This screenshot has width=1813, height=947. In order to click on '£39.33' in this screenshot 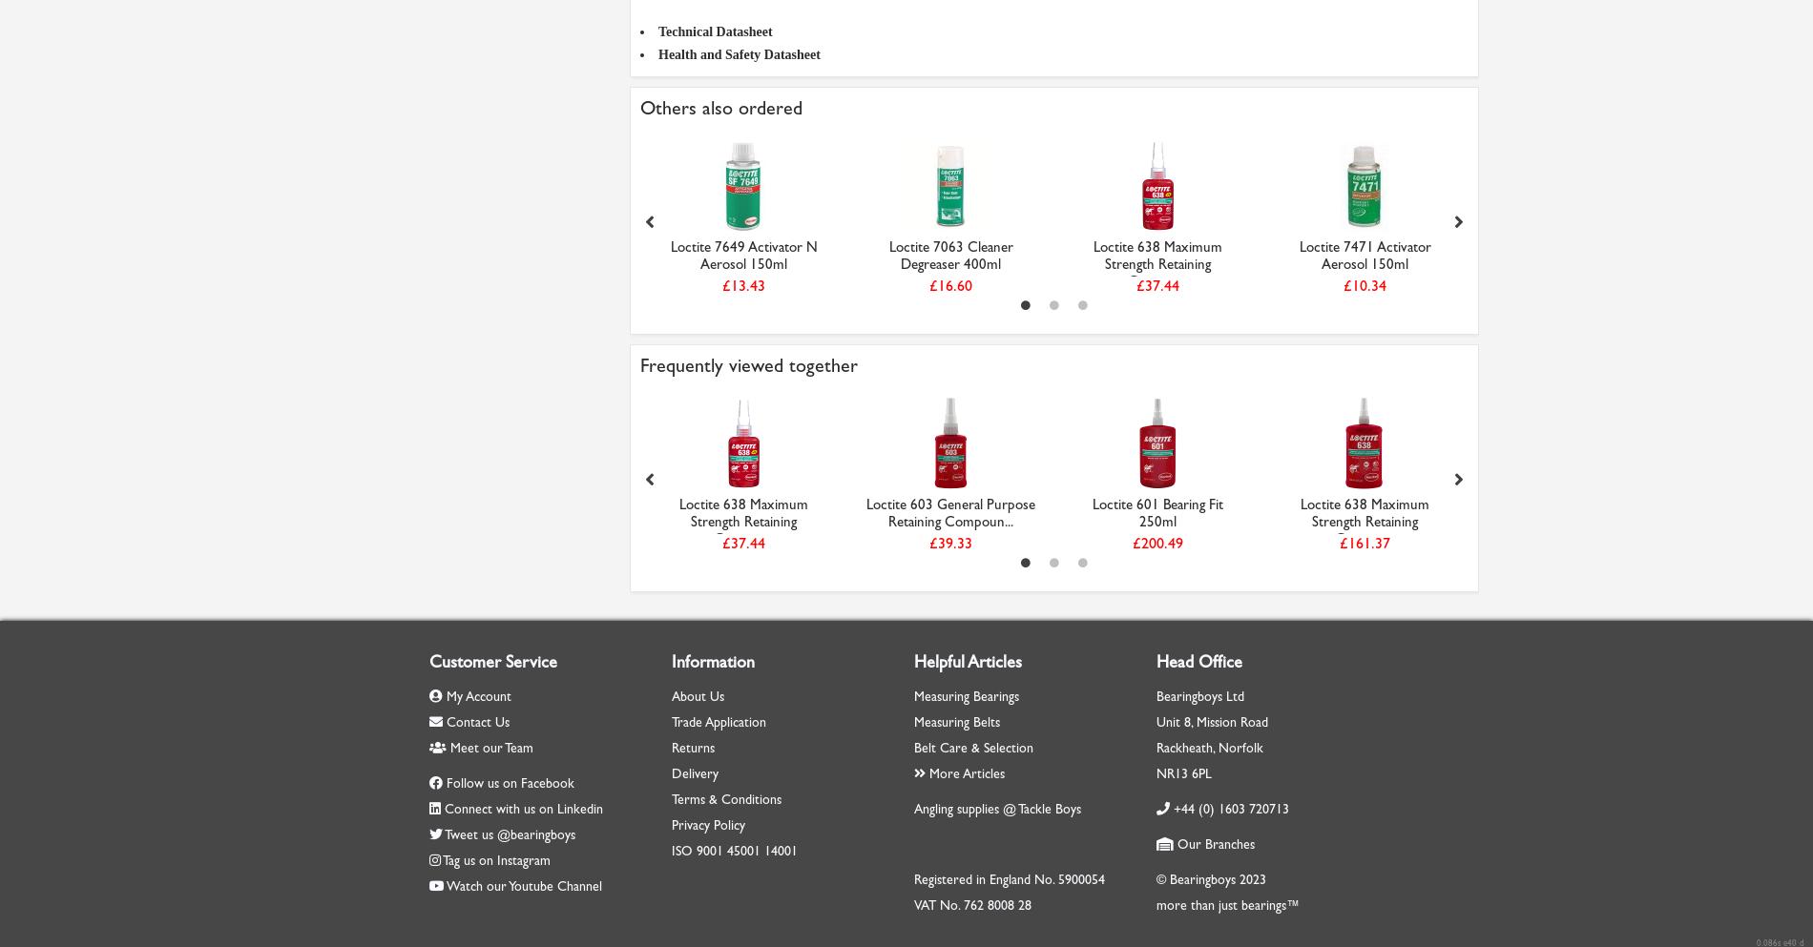, I will do `click(950, 542)`.